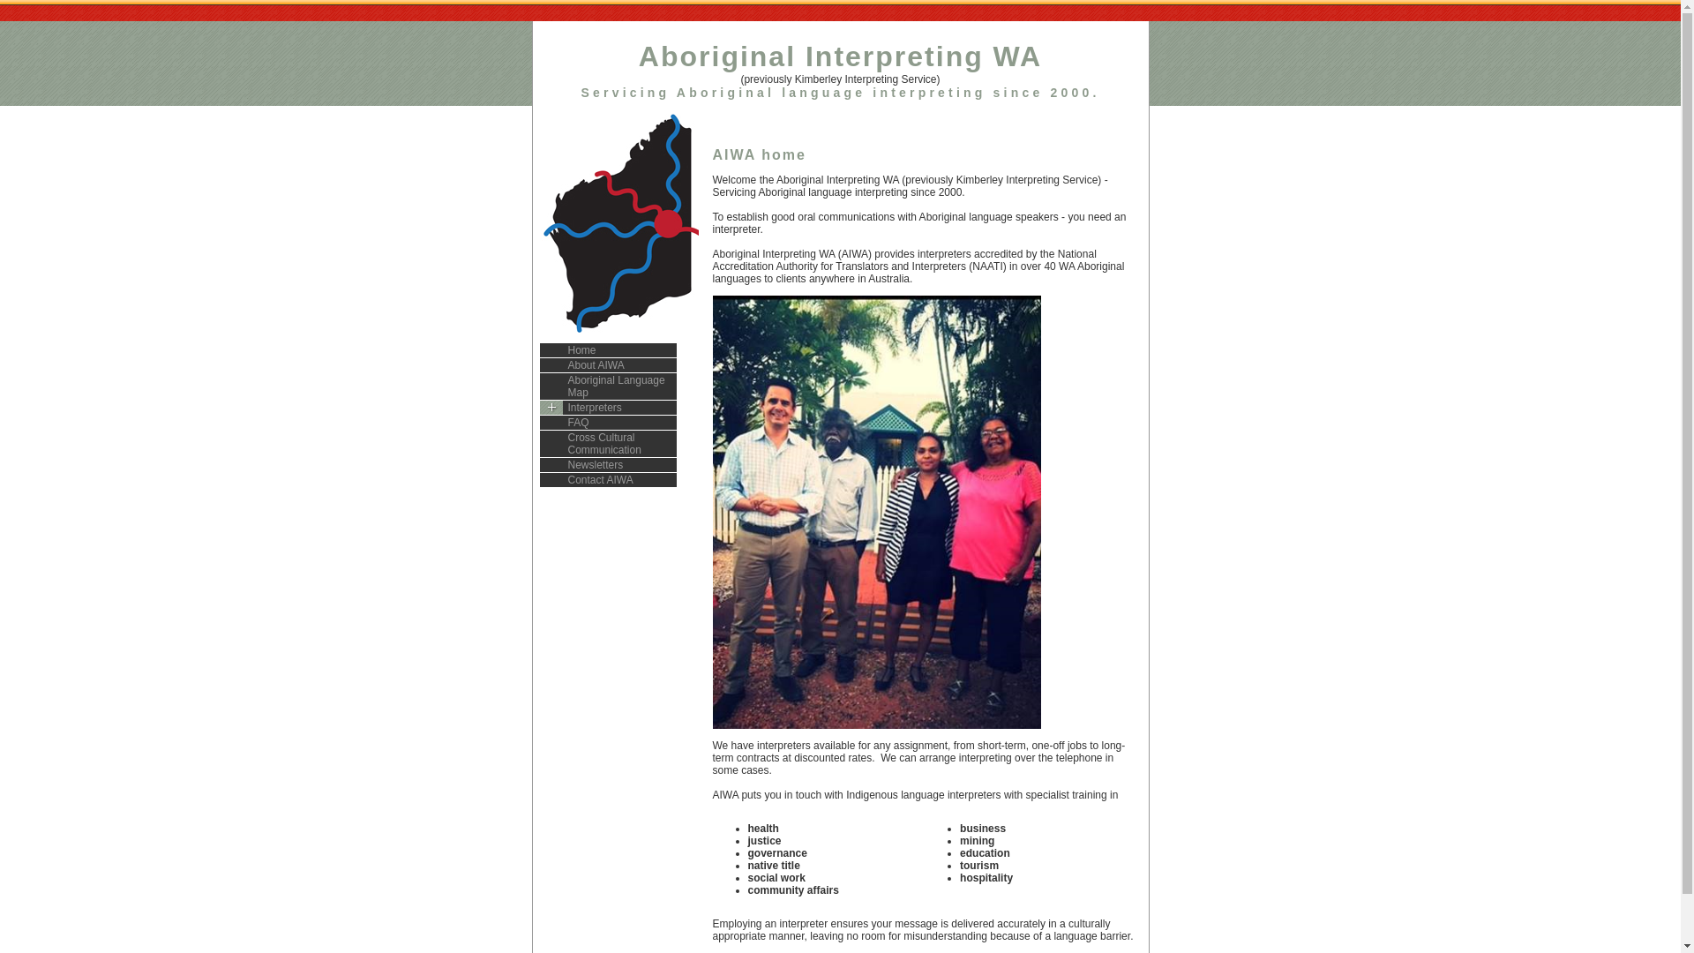 Image resolution: width=1694 pixels, height=953 pixels. Describe the element at coordinates (608, 408) in the screenshot. I see `'Interpreters'` at that location.